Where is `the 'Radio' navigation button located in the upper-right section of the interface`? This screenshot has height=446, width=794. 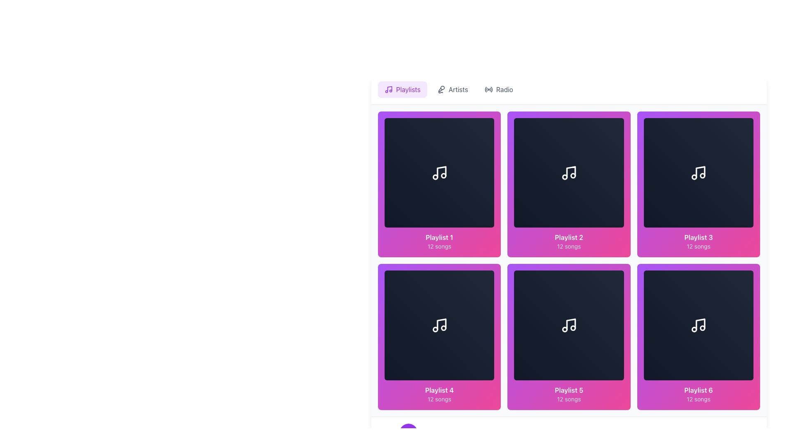 the 'Radio' navigation button located in the upper-right section of the interface is located at coordinates (498, 89).